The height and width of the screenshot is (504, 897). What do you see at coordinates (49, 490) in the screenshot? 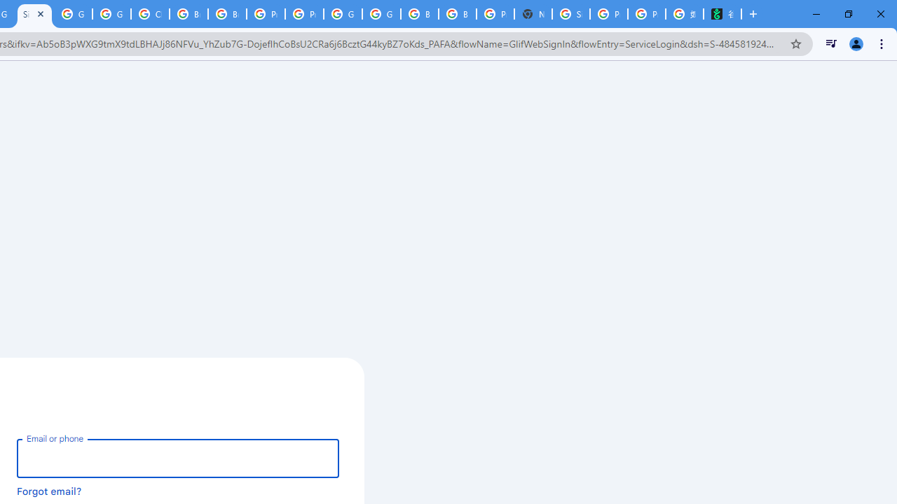
I see `'Forgot email?'` at bounding box center [49, 490].